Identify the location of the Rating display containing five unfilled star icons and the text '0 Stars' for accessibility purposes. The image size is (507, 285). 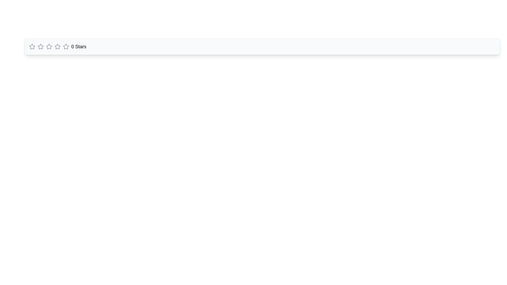
(262, 46).